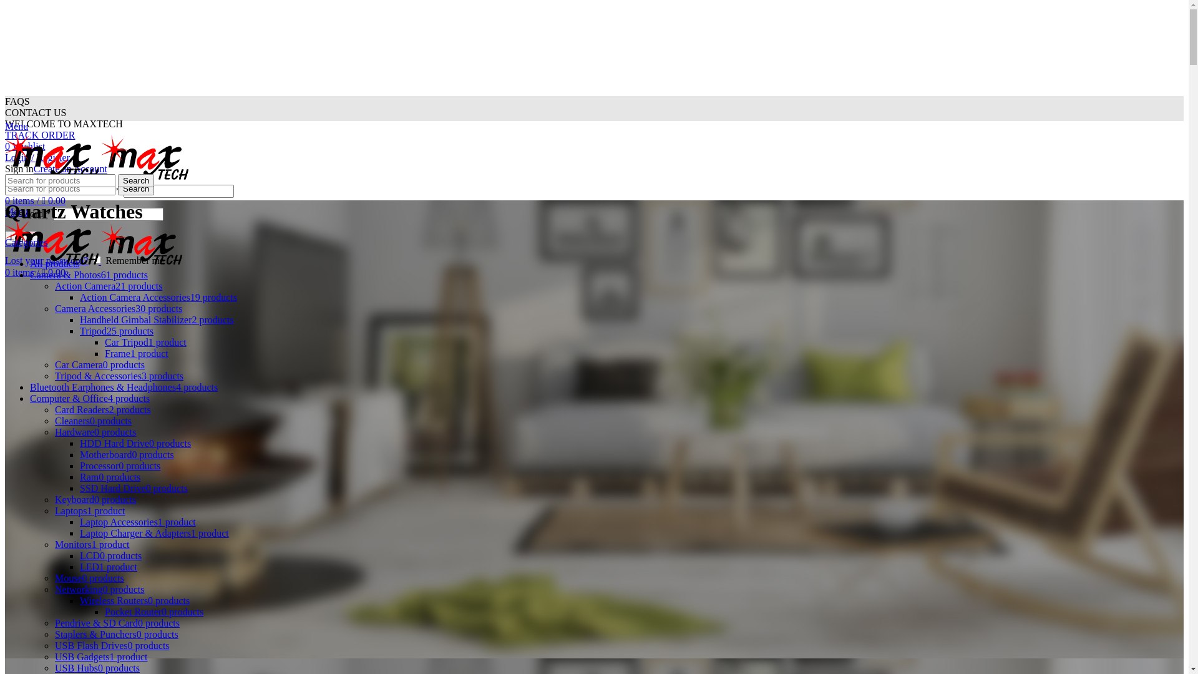 The width and height of the screenshot is (1198, 674). I want to click on 'Menu', so click(16, 126).